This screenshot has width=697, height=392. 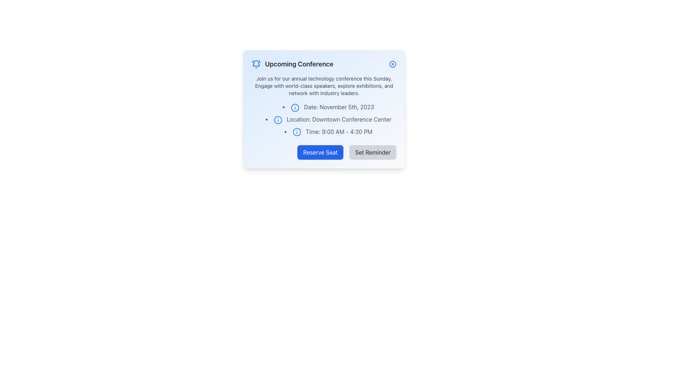 I want to click on the blue circular button with an 'x' mark located at the top-right corner of the card containing the 'Upcoming Conference' header, so click(x=392, y=64).